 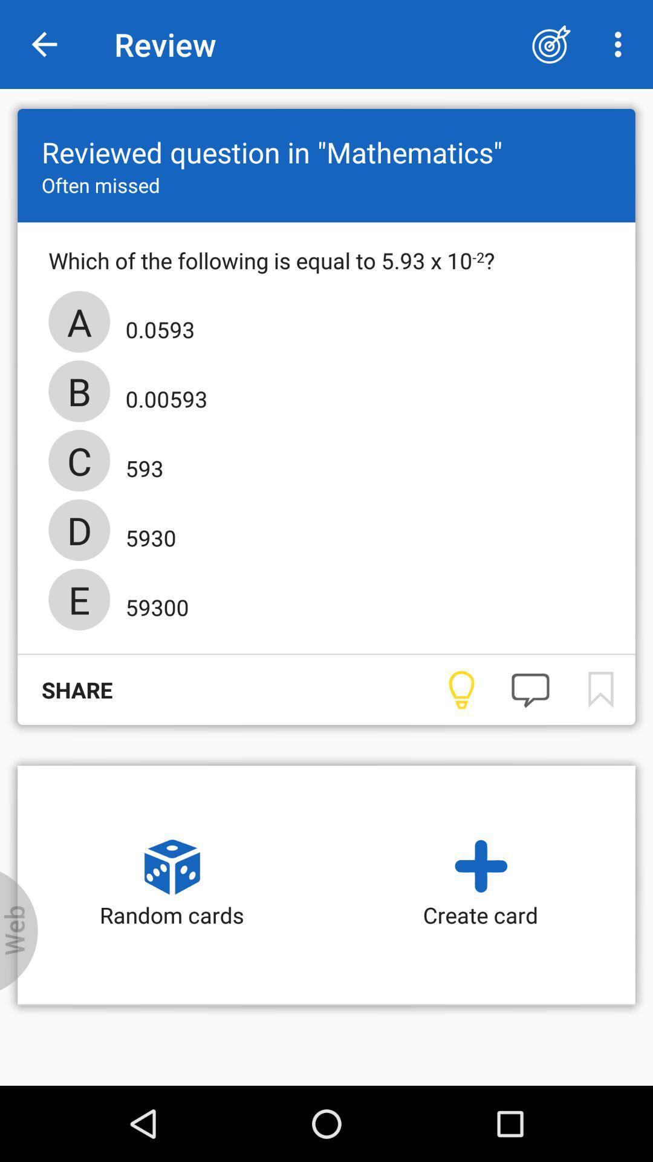 What do you see at coordinates (19, 930) in the screenshot?
I see `web` at bounding box center [19, 930].